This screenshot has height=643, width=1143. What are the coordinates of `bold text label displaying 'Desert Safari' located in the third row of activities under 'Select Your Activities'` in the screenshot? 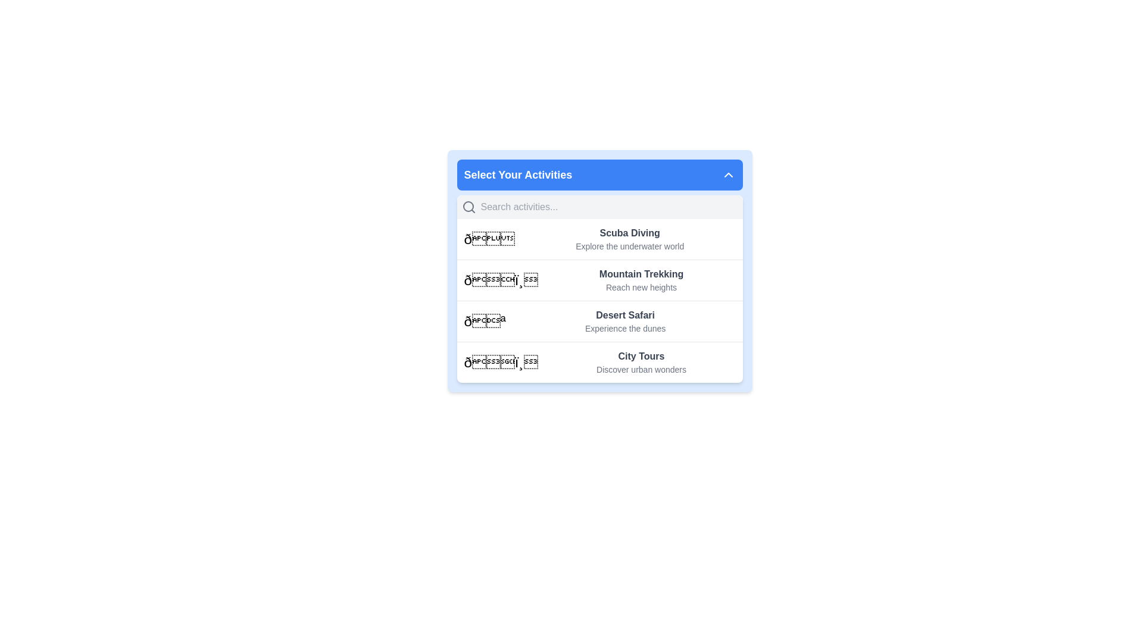 It's located at (624, 314).